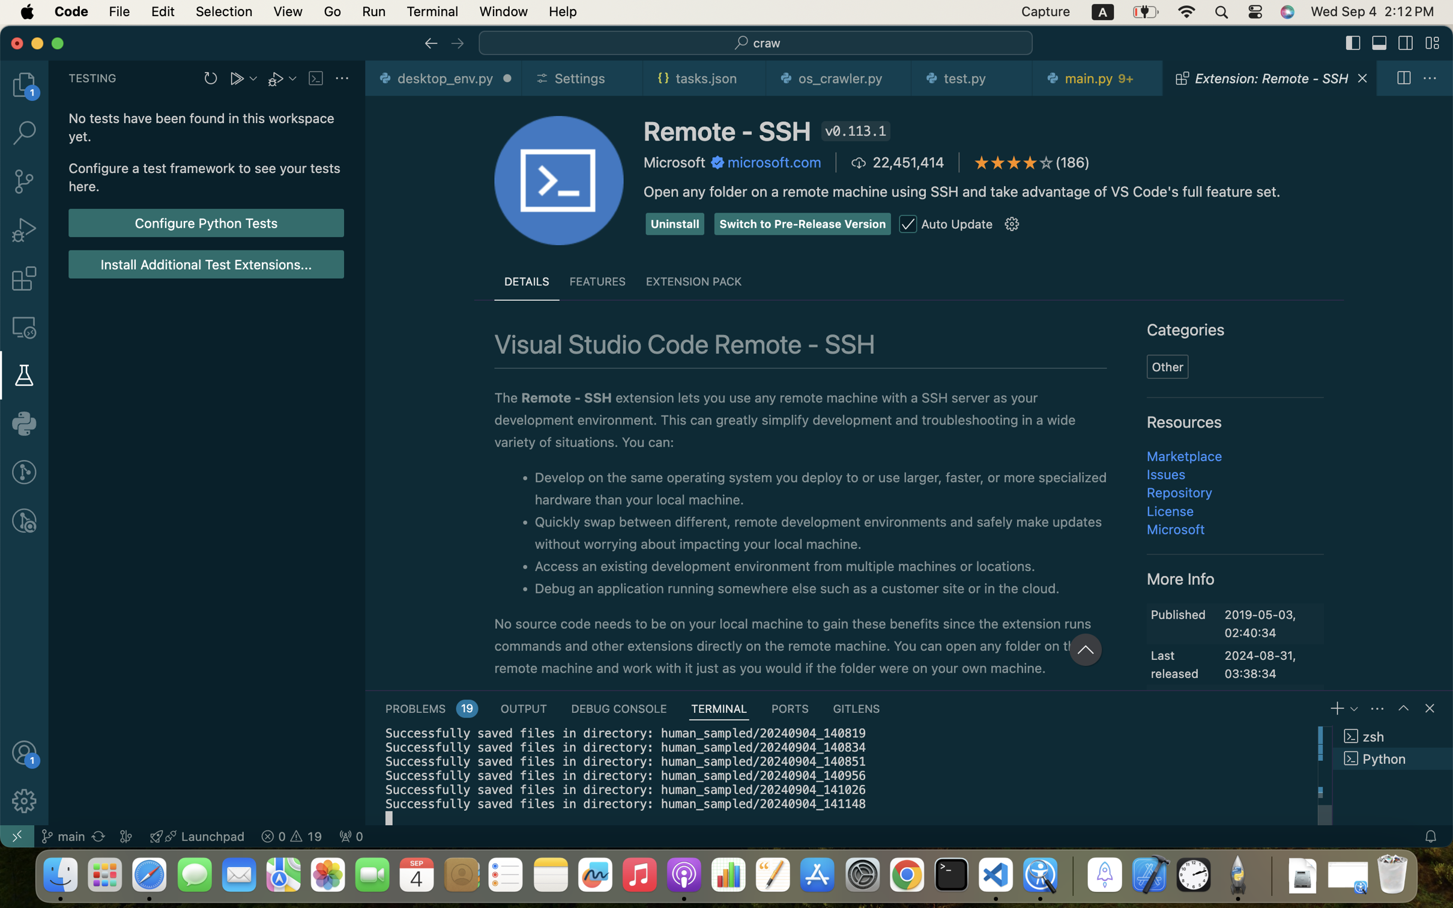 This screenshot has width=1453, height=908. I want to click on 'Published', so click(1177, 614).